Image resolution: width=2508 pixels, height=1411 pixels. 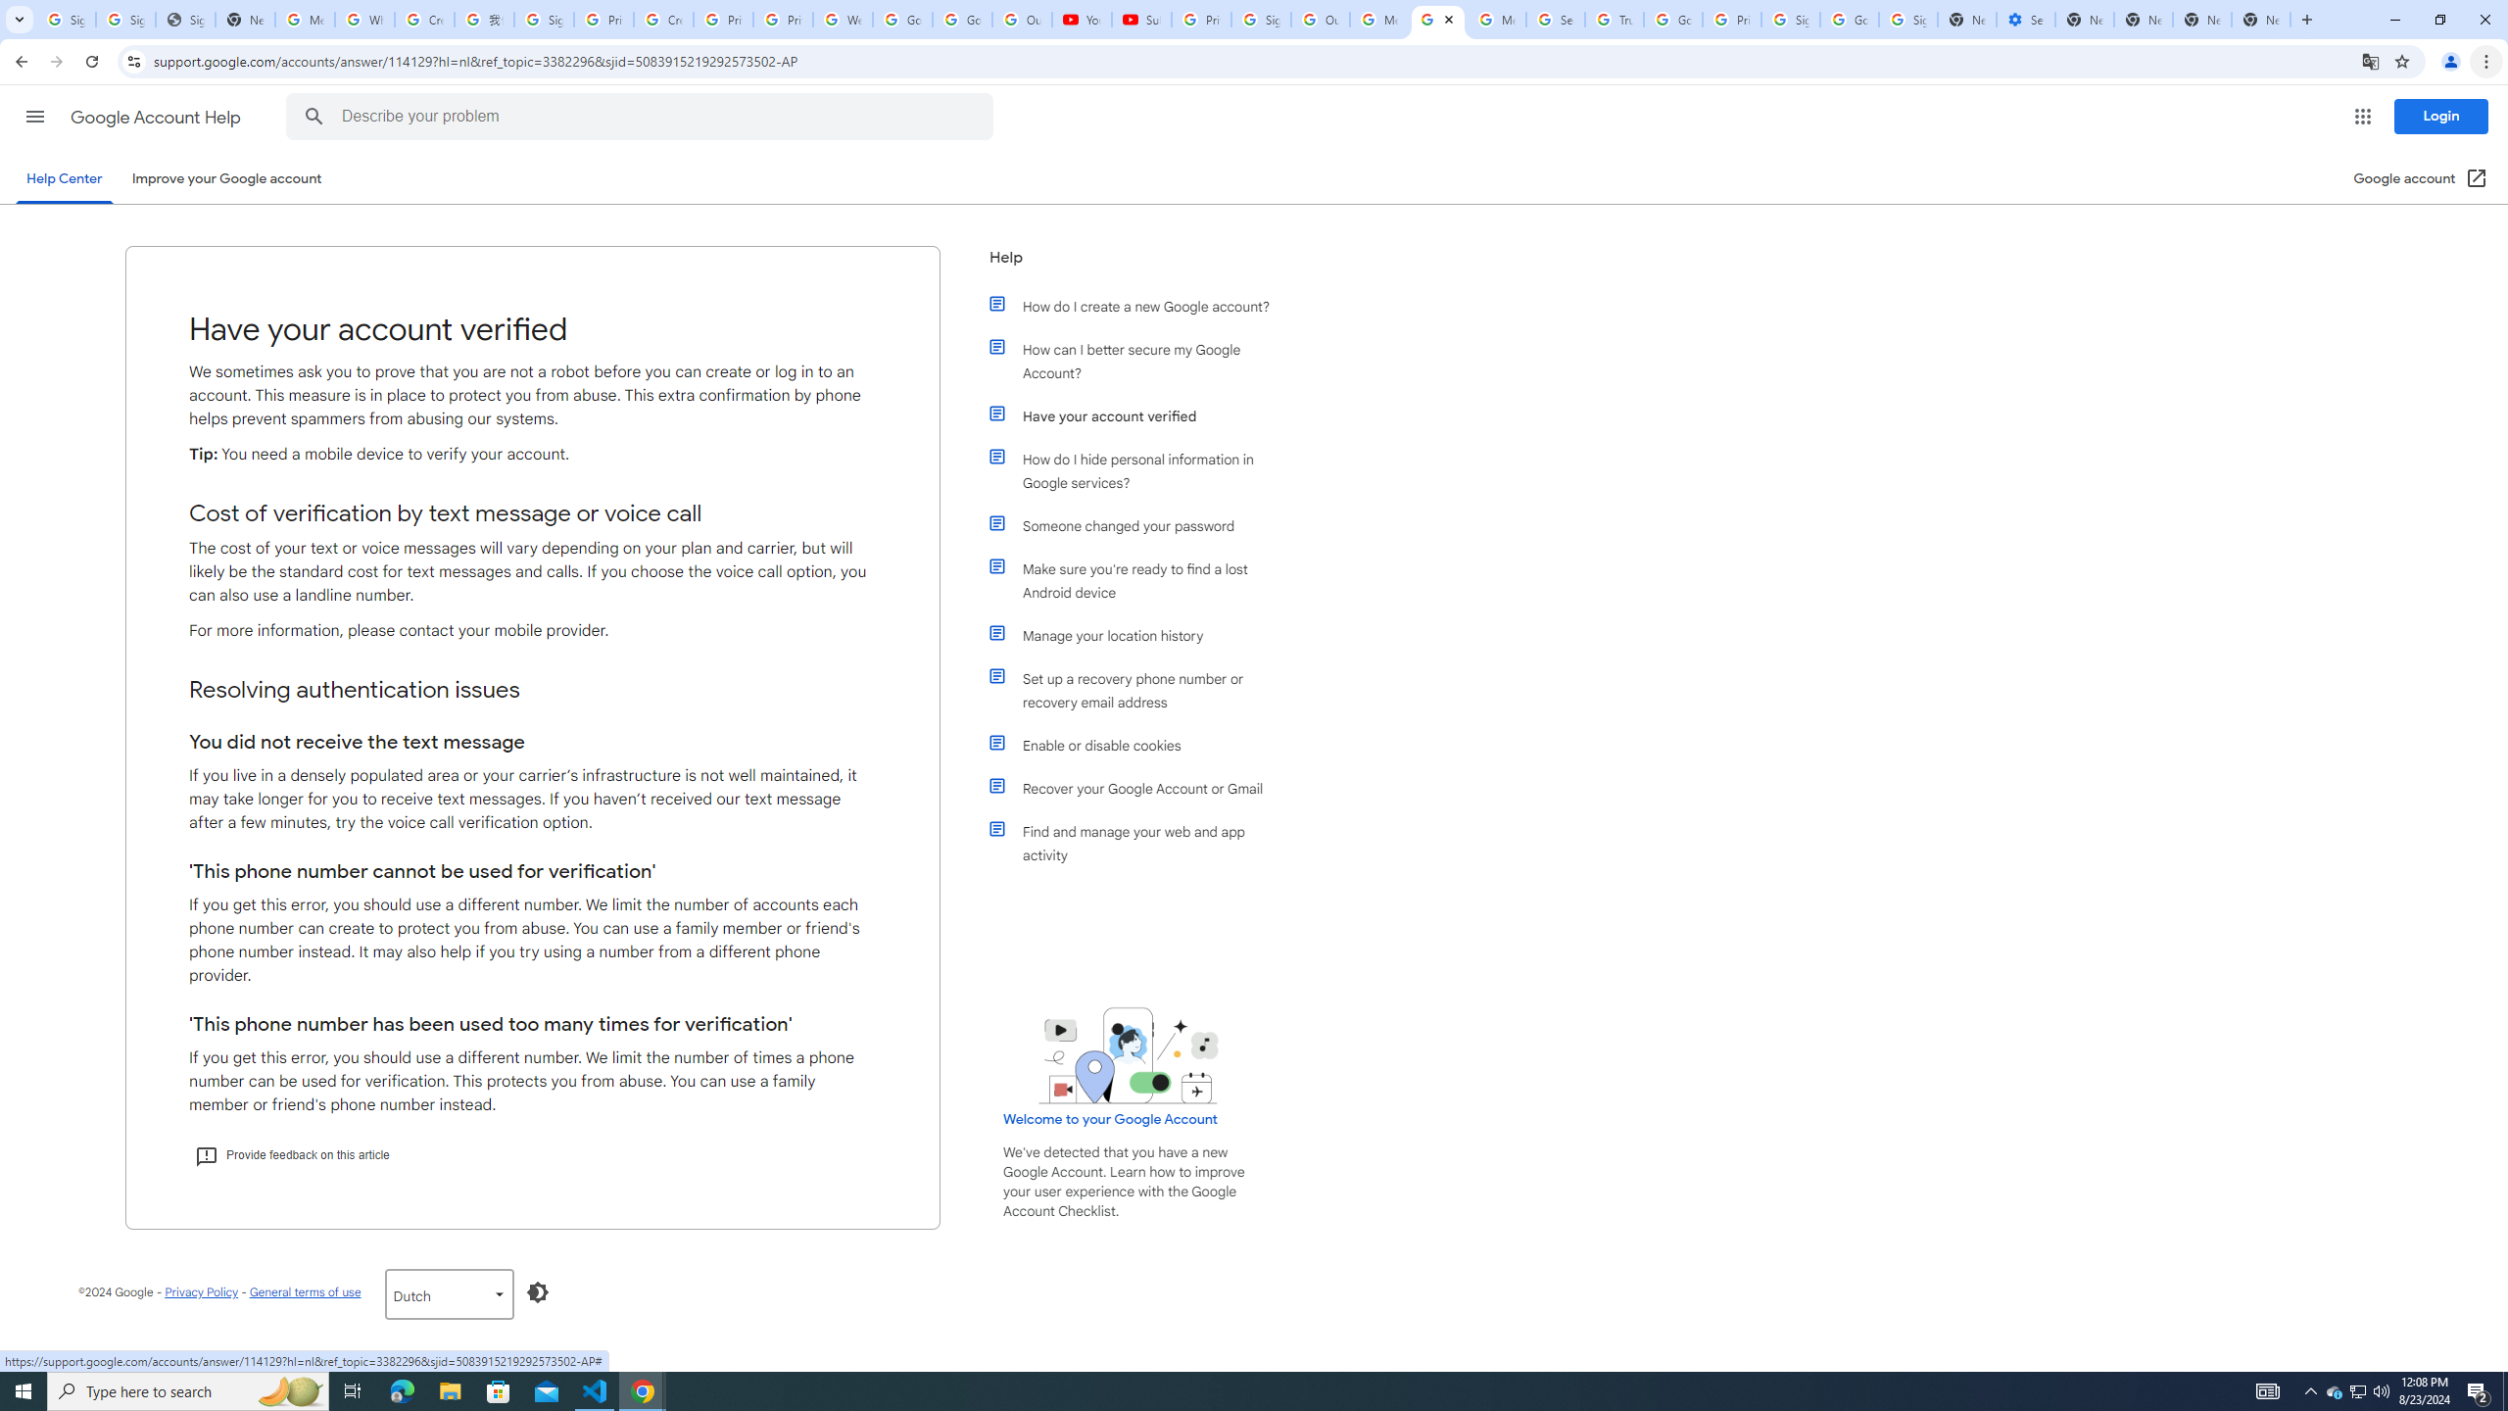 What do you see at coordinates (1138, 844) in the screenshot?
I see `'Find and manage your web and app activity'` at bounding box center [1138, 844].